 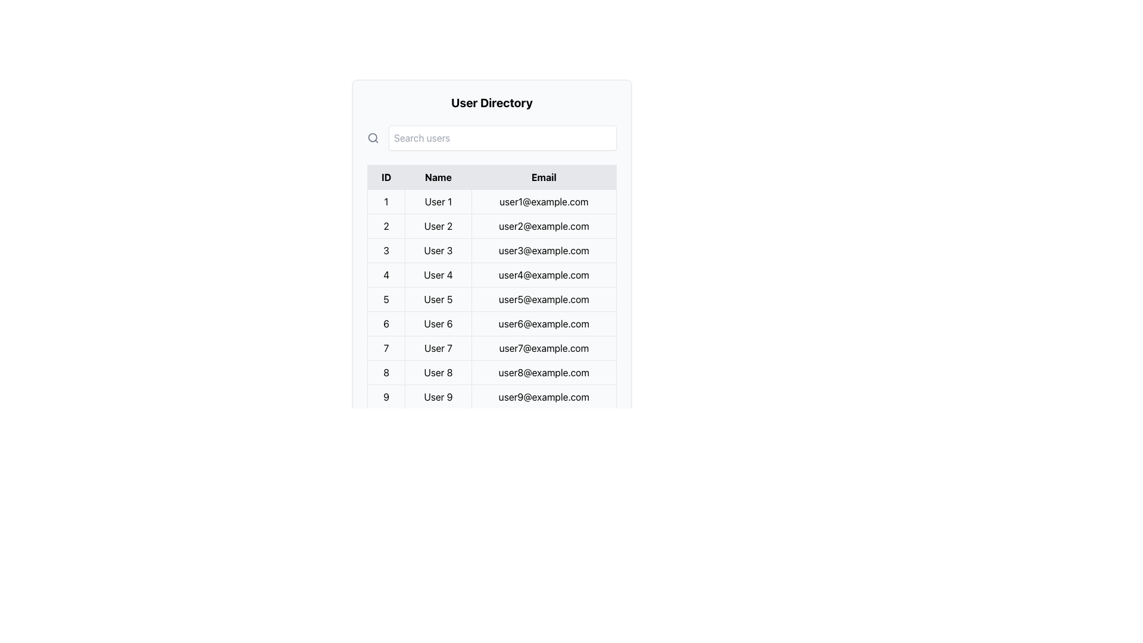 What do you see at coordinates (543, 201) in the screenshot?
I see `displayed email address 'user1@example.com' from the static text label located in the first row of the table under the 'Email' column` at bounding box center [543, 201].